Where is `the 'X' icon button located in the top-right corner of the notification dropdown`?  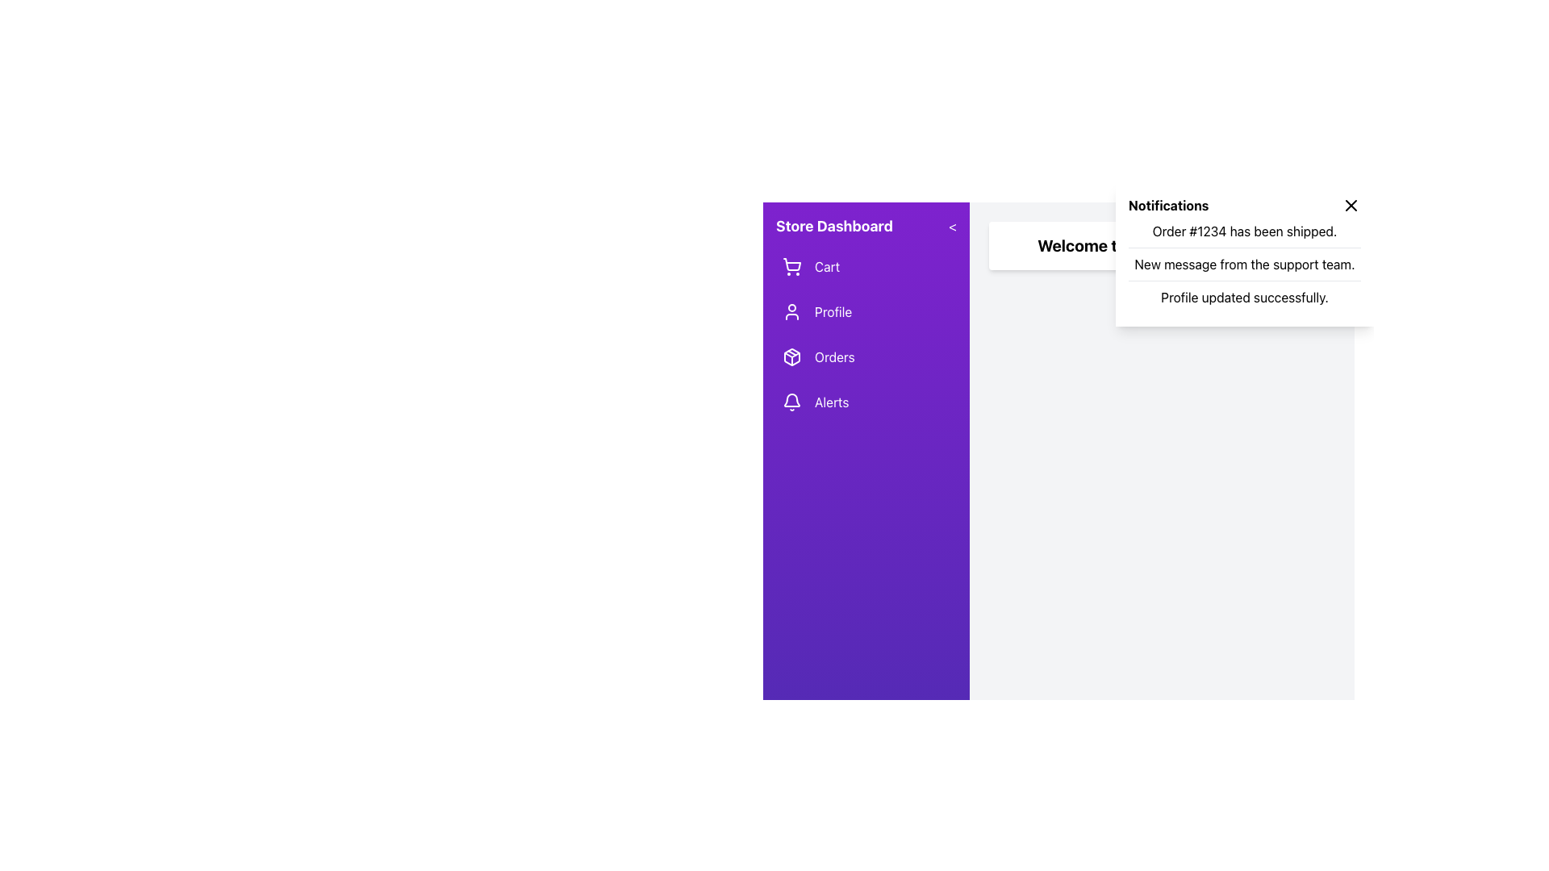 the 'X' icon button located in the top-right corner of the notification dropdown is located at coordinates (1351, 204).